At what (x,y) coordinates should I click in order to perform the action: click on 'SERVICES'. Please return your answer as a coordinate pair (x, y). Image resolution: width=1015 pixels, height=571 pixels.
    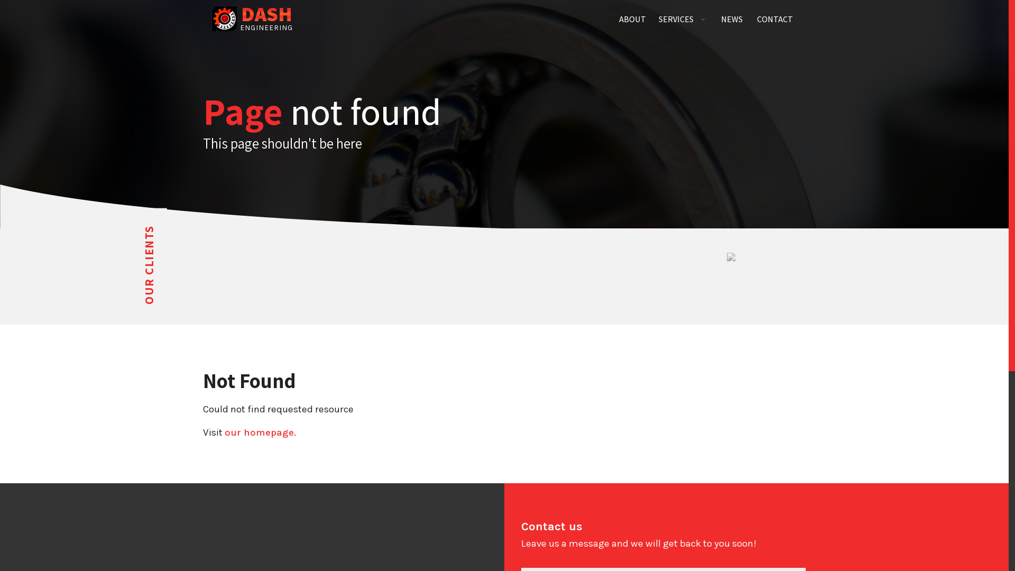
    Looking at the image, I should click on (682, 20).